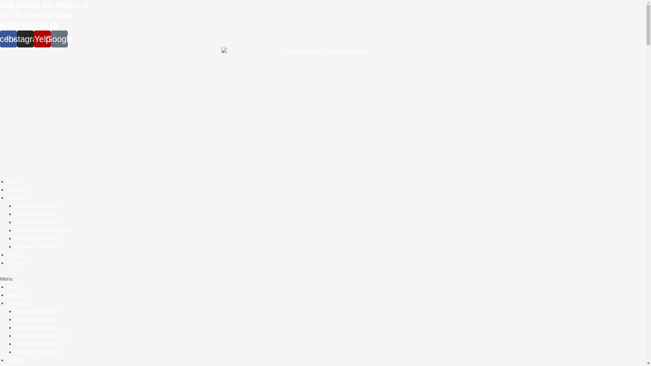  I want to click on 'M - S: 7am to 6pm', so click(36, 15).